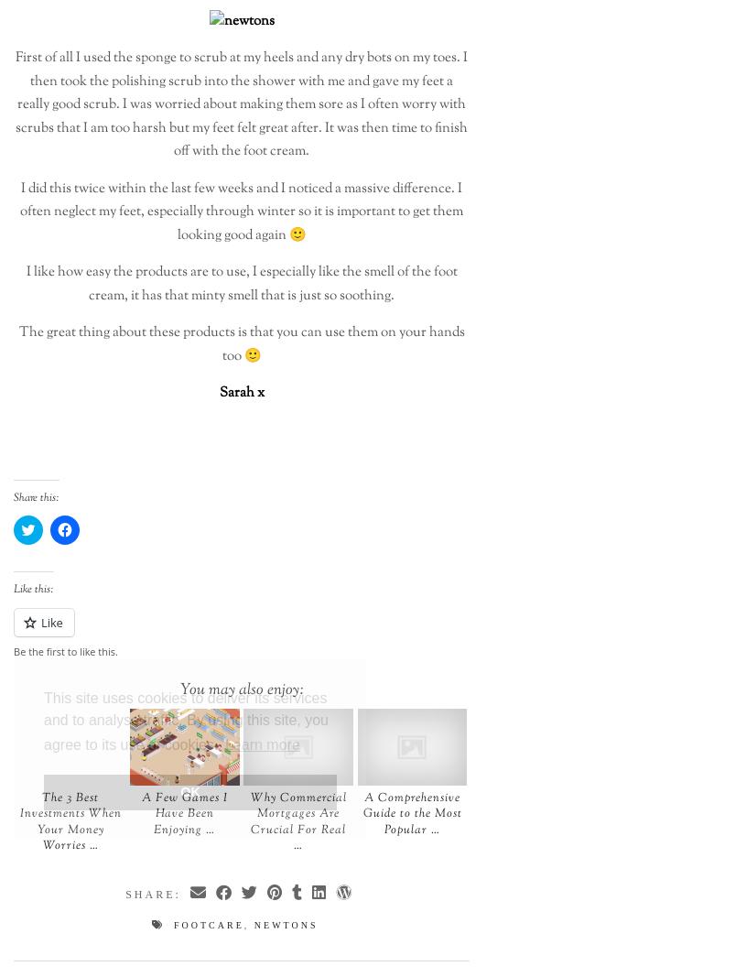 Image resolution: width=746 pixels, height=977 pixels. I want to click on 'I did this twice within the last few weeks and I noticed a massive difference. I often neglect my feet, especially through winter so it is important to get them looking good again 🙂', so click(241, 212).